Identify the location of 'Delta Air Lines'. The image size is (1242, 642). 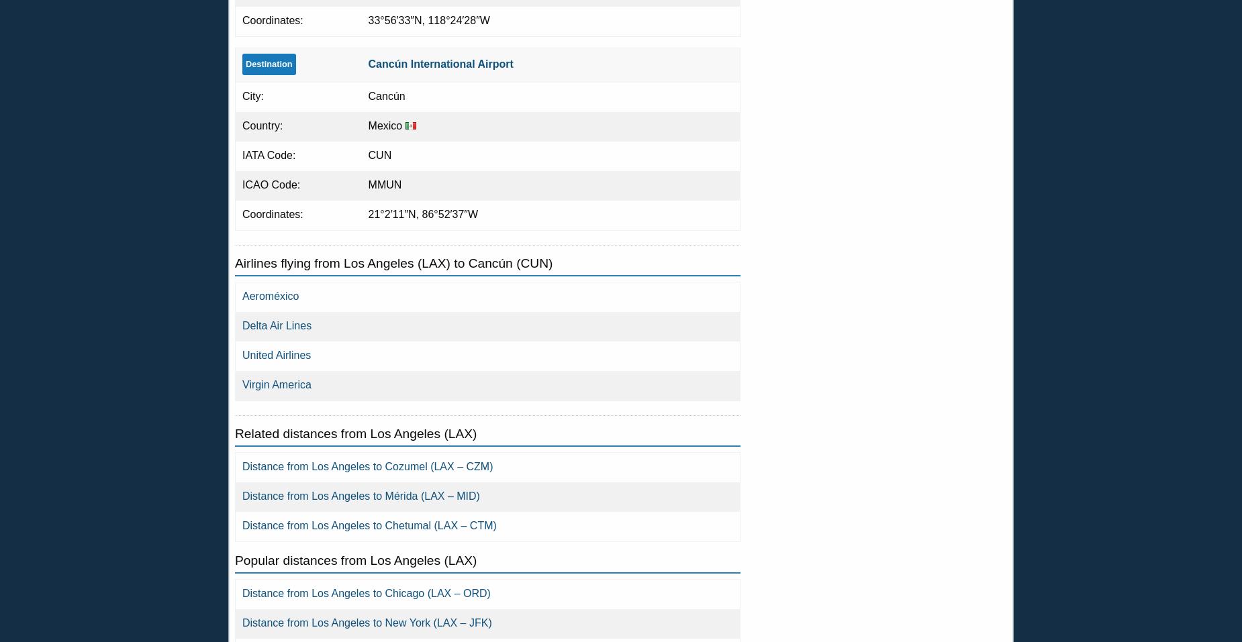
(276, 325).